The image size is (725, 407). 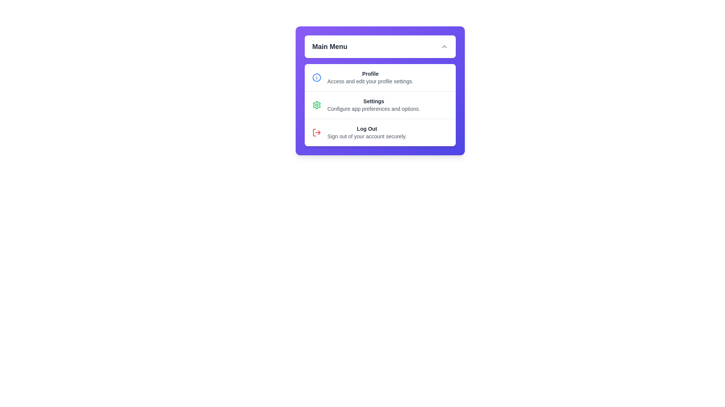 What do you see at coordinates (317, 105) in the screenshot?
I see `the icon next to the Settings menu item` at bounding box center [317, 105].